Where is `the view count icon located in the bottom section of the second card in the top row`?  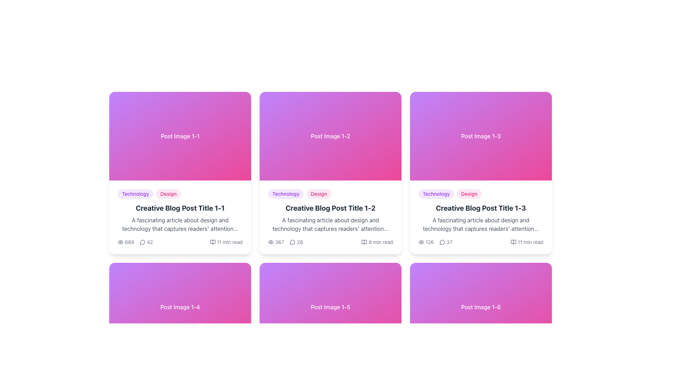 the view count icon located in the bottom section of the second card in the top row is located at coordinates (276, 242).